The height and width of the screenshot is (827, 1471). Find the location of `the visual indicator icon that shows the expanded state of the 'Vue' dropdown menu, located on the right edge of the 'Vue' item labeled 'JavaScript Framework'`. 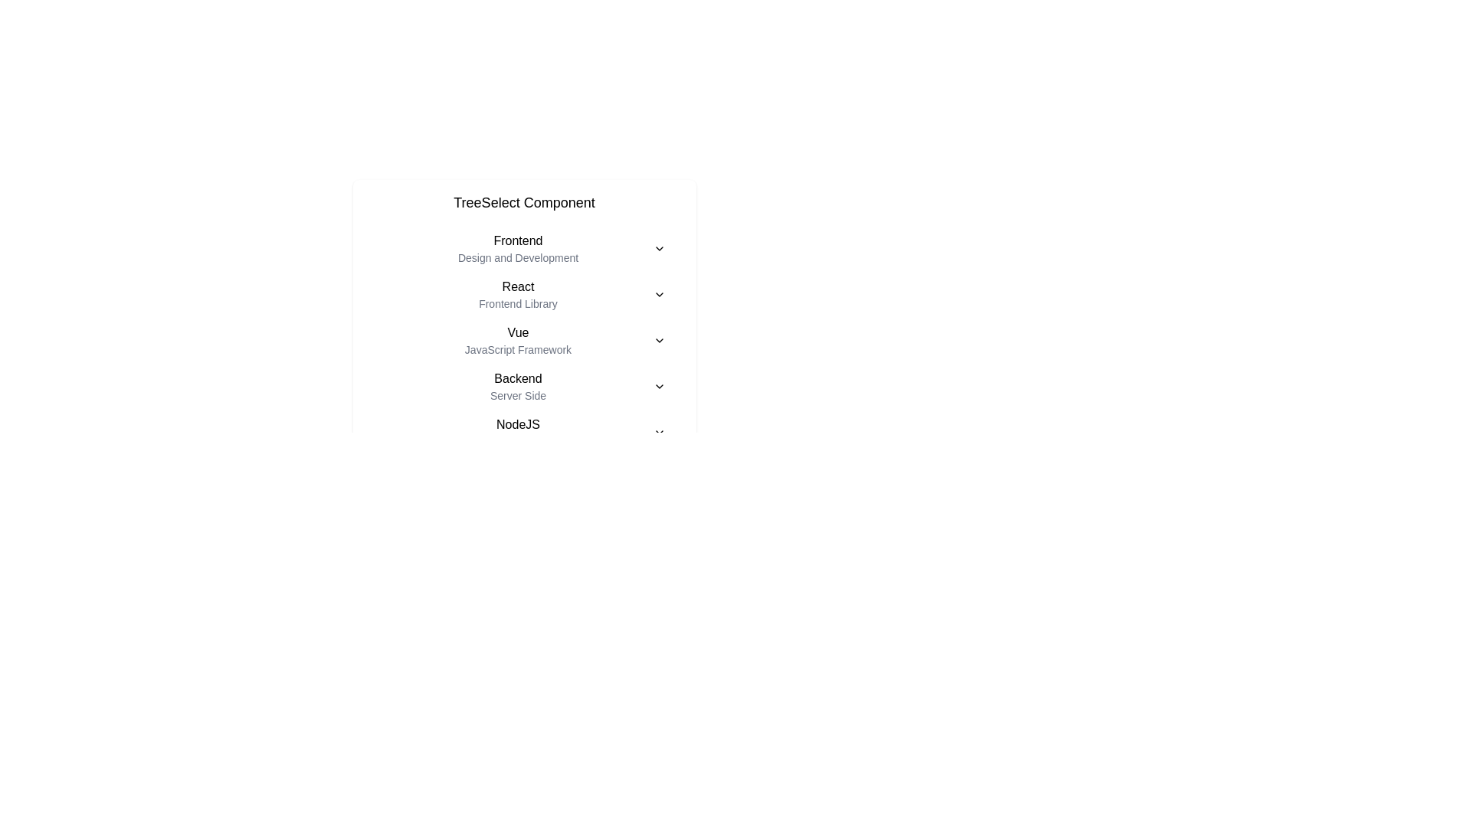

the visual indicator icon that shows the expanded state of the 'Vue' dropdown menu, located on the right edge of the 'Vue' item labeled 'JavaScript Framework' is located at coordinates (659, 339).